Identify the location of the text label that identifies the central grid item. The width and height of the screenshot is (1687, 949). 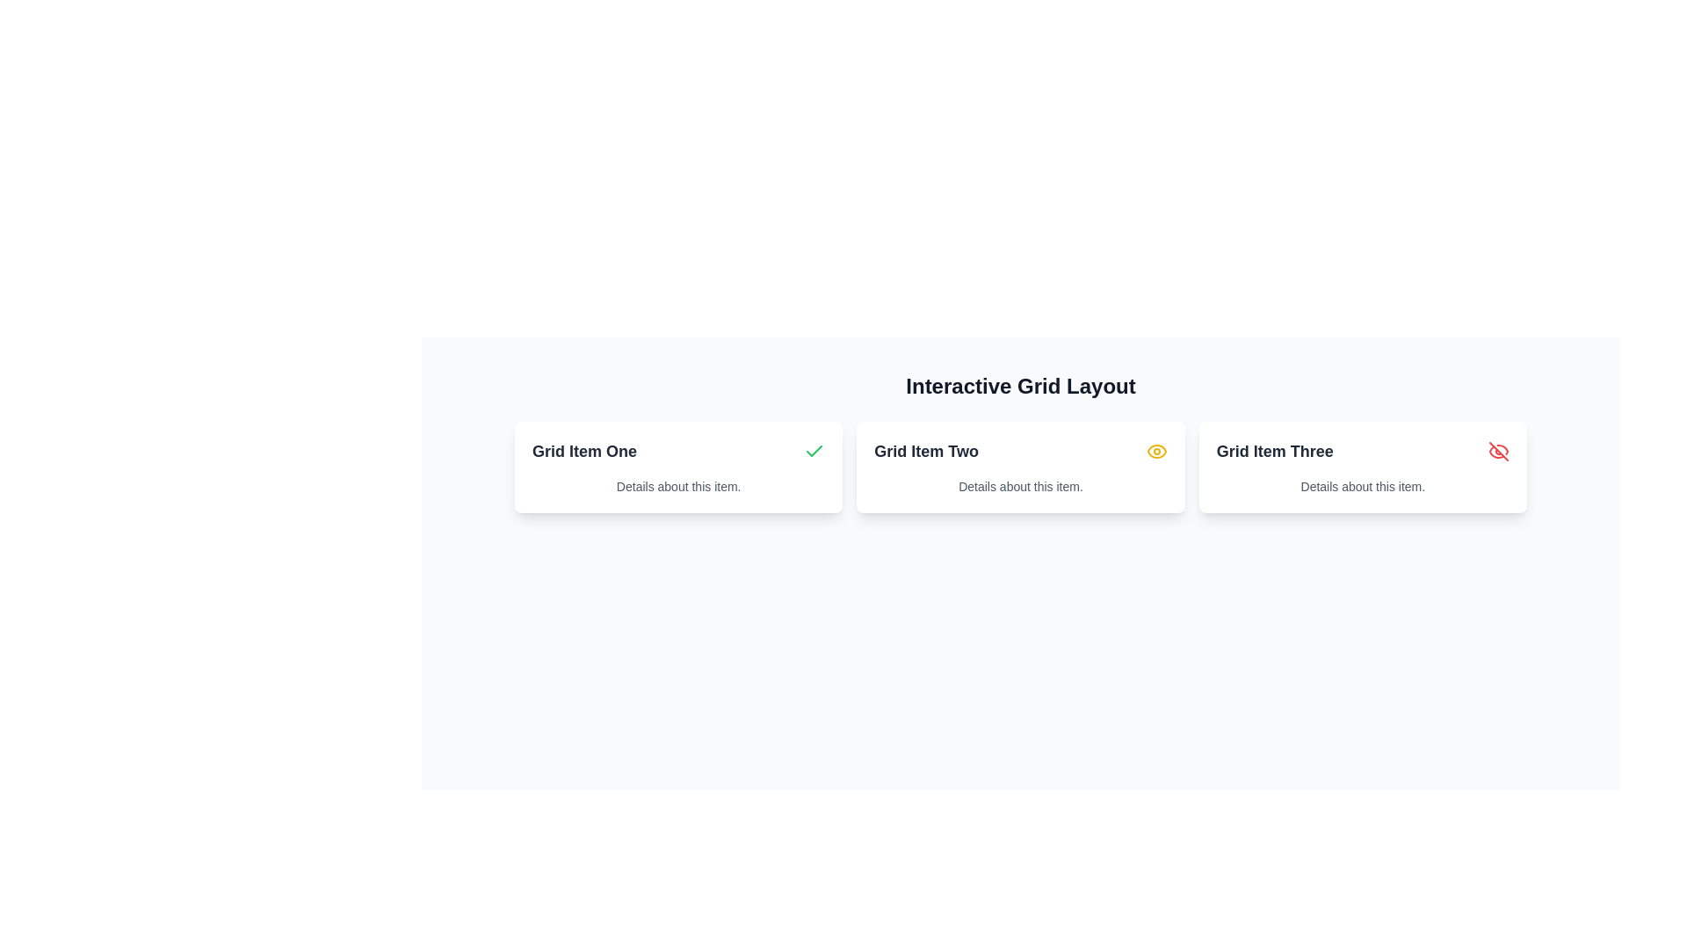
(925, 450).